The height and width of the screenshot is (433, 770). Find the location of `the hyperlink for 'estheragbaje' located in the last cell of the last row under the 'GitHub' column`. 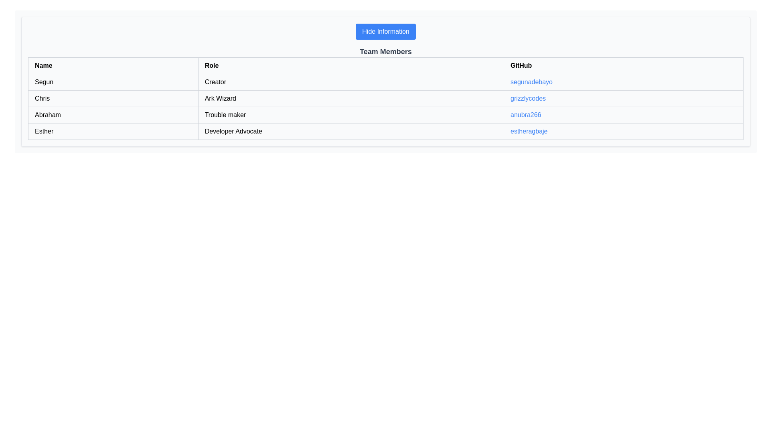

the hyperlink for 'estheragbaje' located in the last cell of the last row under the 'GitHub' column is located at coordinates (623, 131).